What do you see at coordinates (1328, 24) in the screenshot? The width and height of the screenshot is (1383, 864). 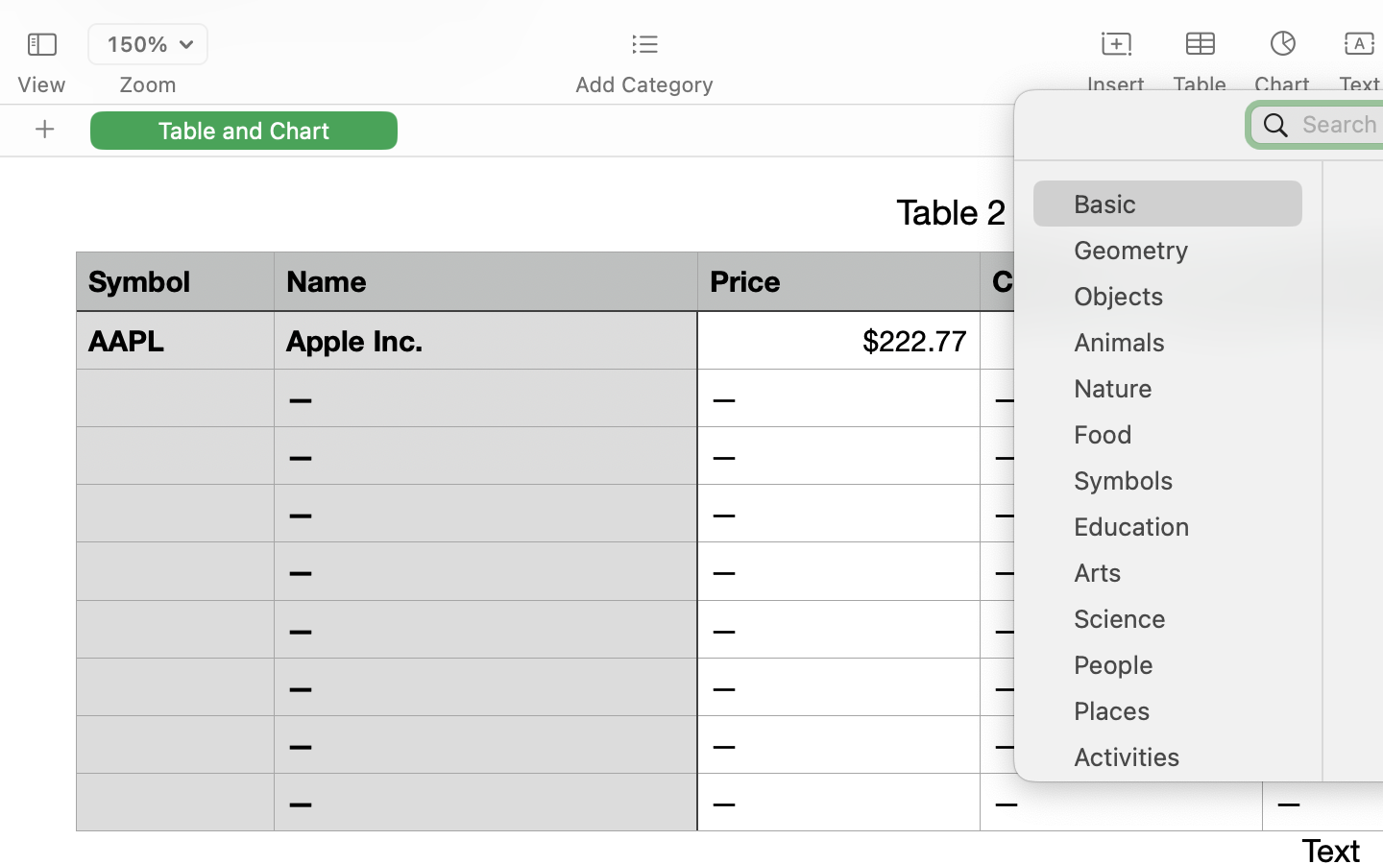 I see `'Untitled'` at bounding box center [1328, 24].